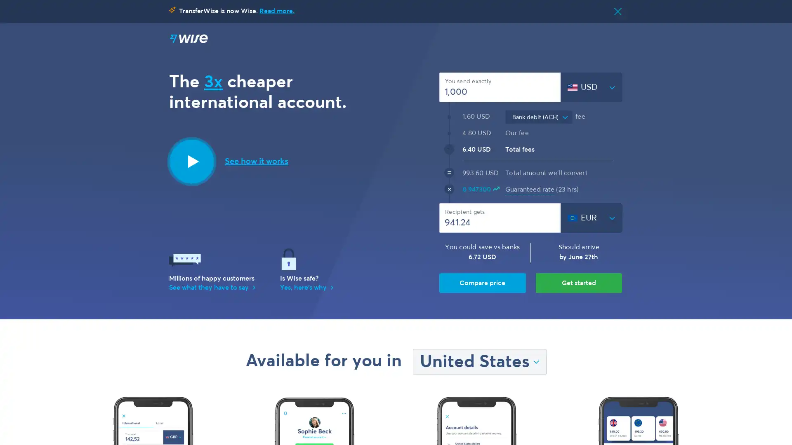 This screenshot has height=445, width=792. Describe the element at coordinates (191, 161) in the screenshot. I see `Play video` at that location.